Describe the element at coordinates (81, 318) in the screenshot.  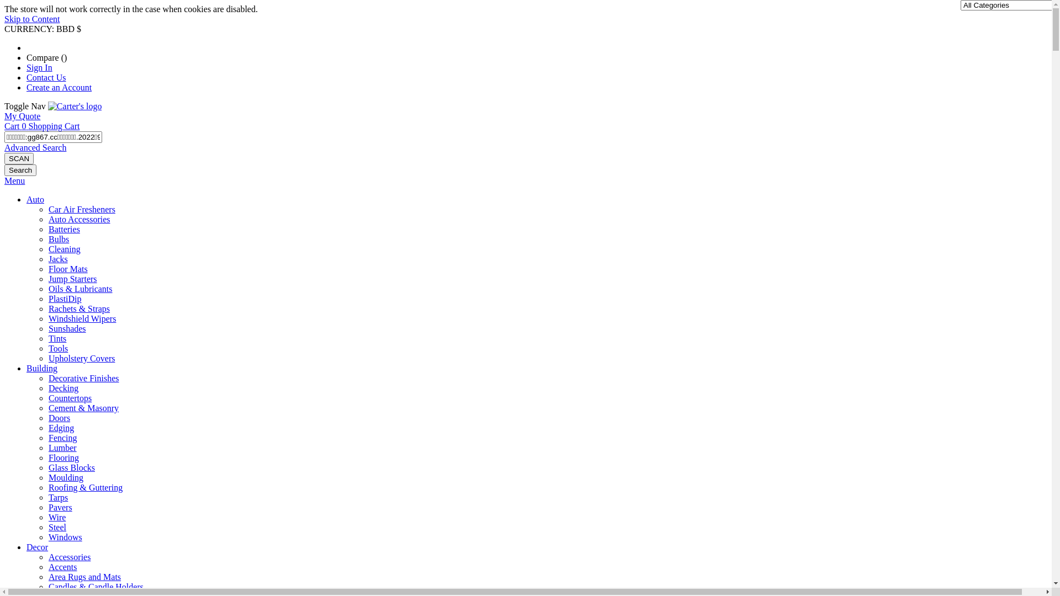
I see `'Windshield Wipers'` at that location.